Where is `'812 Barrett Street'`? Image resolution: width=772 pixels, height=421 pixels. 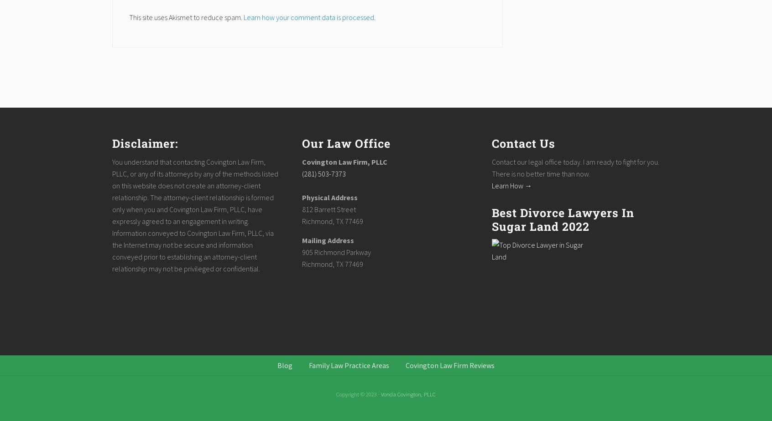
'812 Barrett Street' is located at coordinates (328, 209).